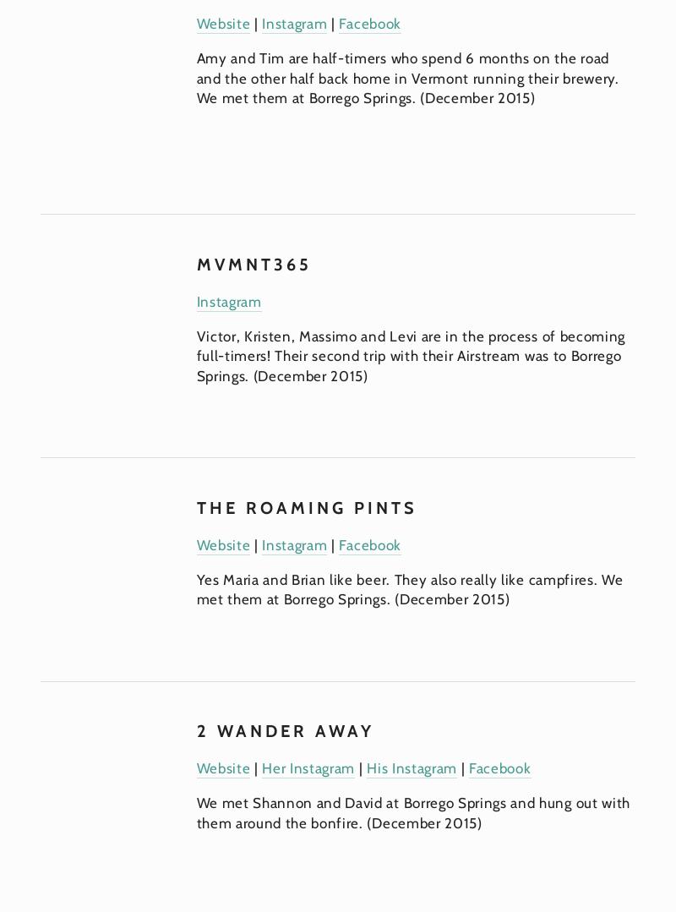 The height and width of the screenshot is (912, 676). Describe the element at coordinates (412, 589) in the screenshot. I see `'Yes Maria and Brian like beer. They also really like campfires. We met them at Borrego Springs. (December 2015)'` at that location.